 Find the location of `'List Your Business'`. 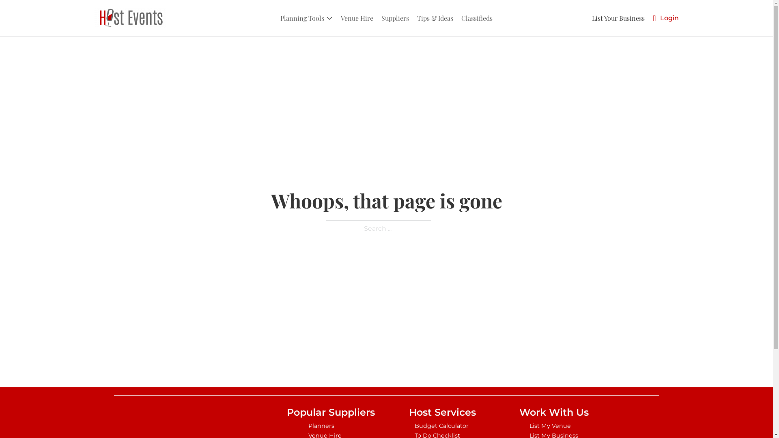

'List Your Business' is located at coordinates (618, 18).